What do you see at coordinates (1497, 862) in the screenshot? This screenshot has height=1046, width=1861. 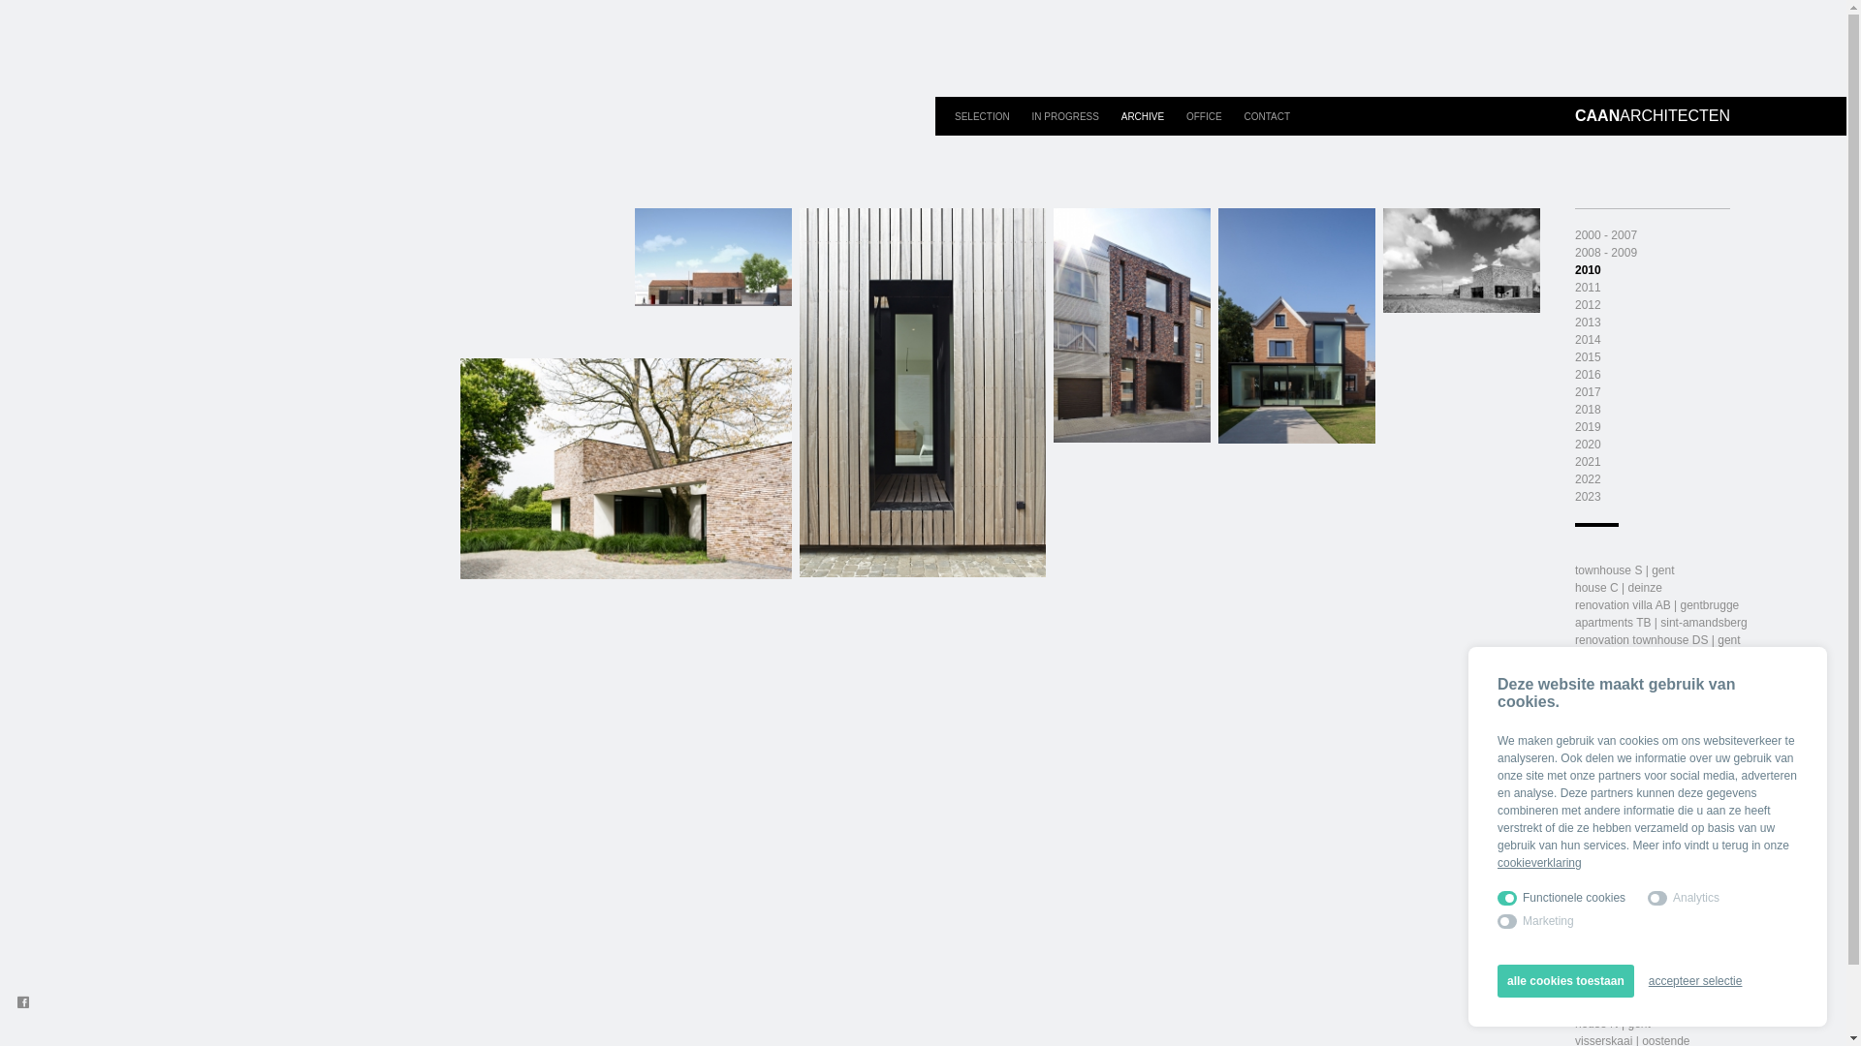 I see `'cookieverklaring'` at bounding box center [1497, 862].